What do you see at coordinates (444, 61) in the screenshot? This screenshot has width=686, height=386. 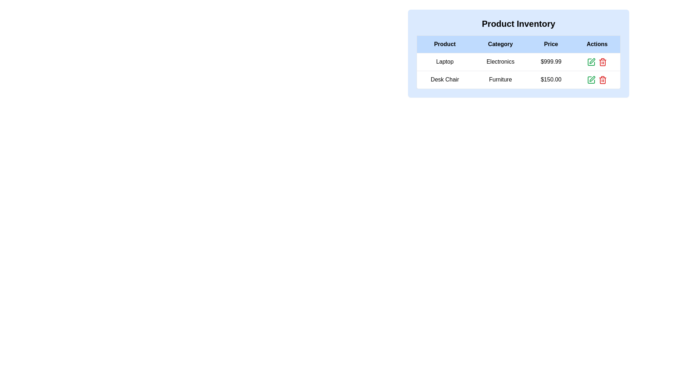 I see `the text label displaying 'Laptop' in the first row of the table under the 'Product' column` at bounding box center [444, 61].